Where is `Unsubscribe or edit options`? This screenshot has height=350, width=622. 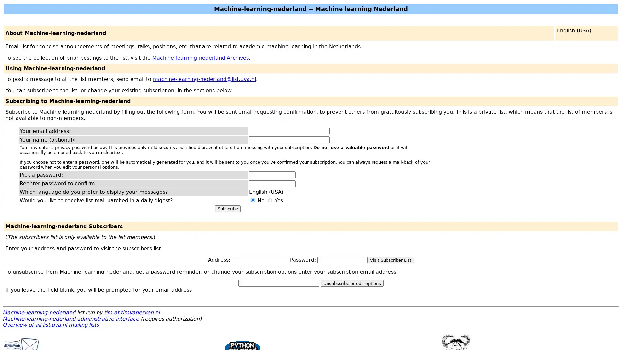
Unsubscribe or edit options is located at coordinates (351, 283).